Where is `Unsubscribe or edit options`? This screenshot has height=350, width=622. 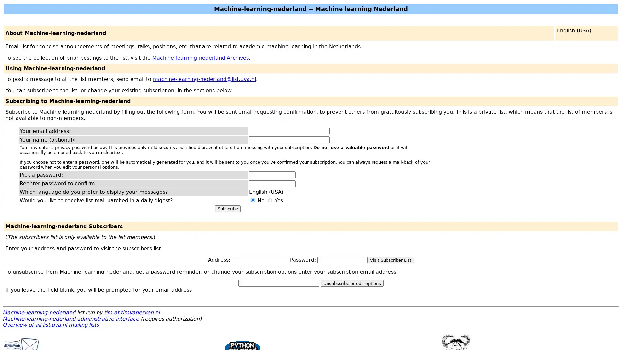
Unsubscribe or edit options is located at coordinates (351, 283).